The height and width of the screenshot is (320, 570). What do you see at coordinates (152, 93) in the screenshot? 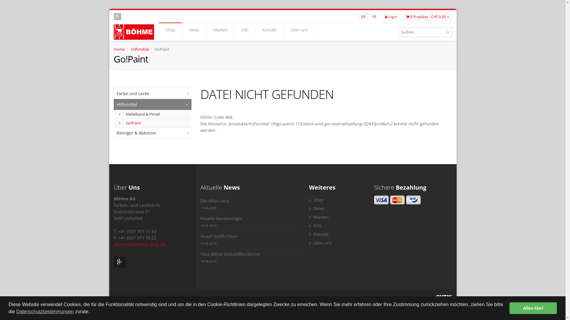
I see `'Farbe und Lacke'` at bounding box center [152, 93].